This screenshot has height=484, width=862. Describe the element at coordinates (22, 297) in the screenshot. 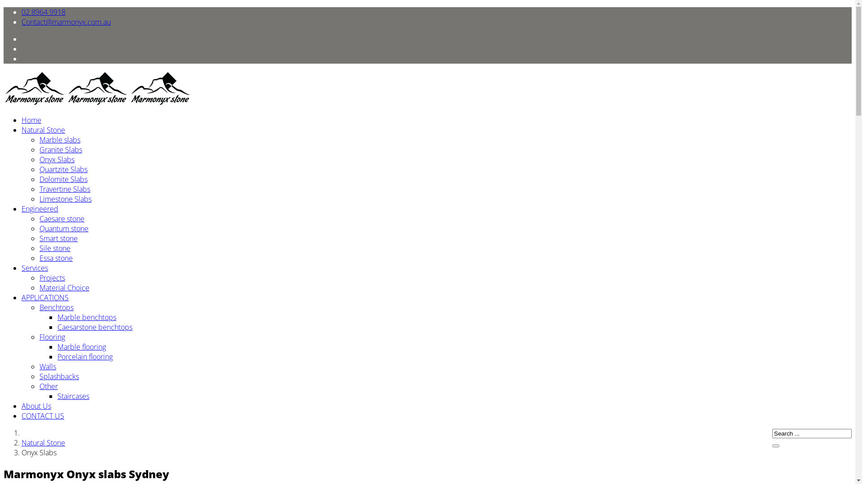

I see `'APPLICATIONS'` at that location.